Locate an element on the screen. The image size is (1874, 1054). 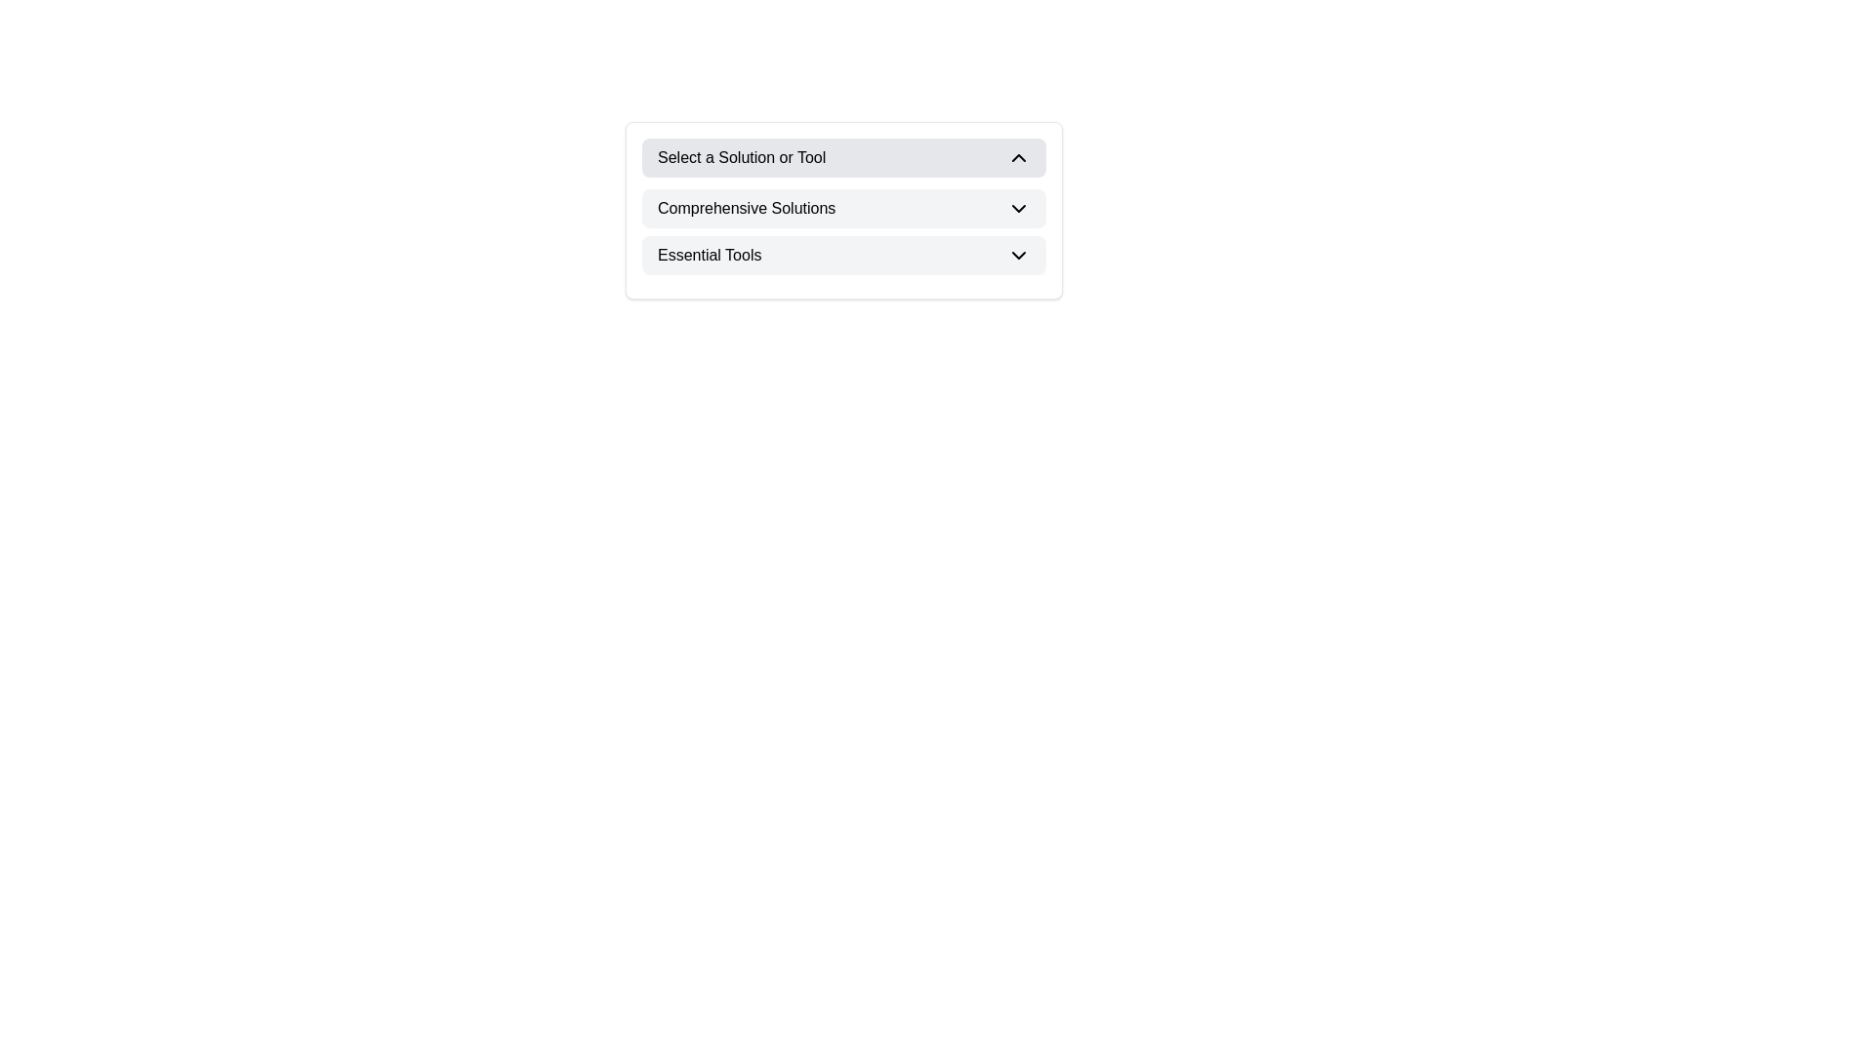
the non-interactive text label that is the second item in a vertical list, located below the 'Select a Solution or Tool' label and above the 'Essential Tools' label is located at coordinates (746, 208).